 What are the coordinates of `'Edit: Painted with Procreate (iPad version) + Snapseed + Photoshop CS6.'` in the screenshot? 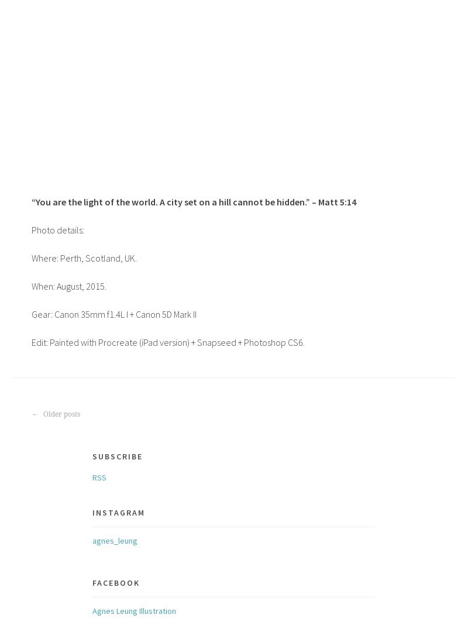 It's located at (168, 341).